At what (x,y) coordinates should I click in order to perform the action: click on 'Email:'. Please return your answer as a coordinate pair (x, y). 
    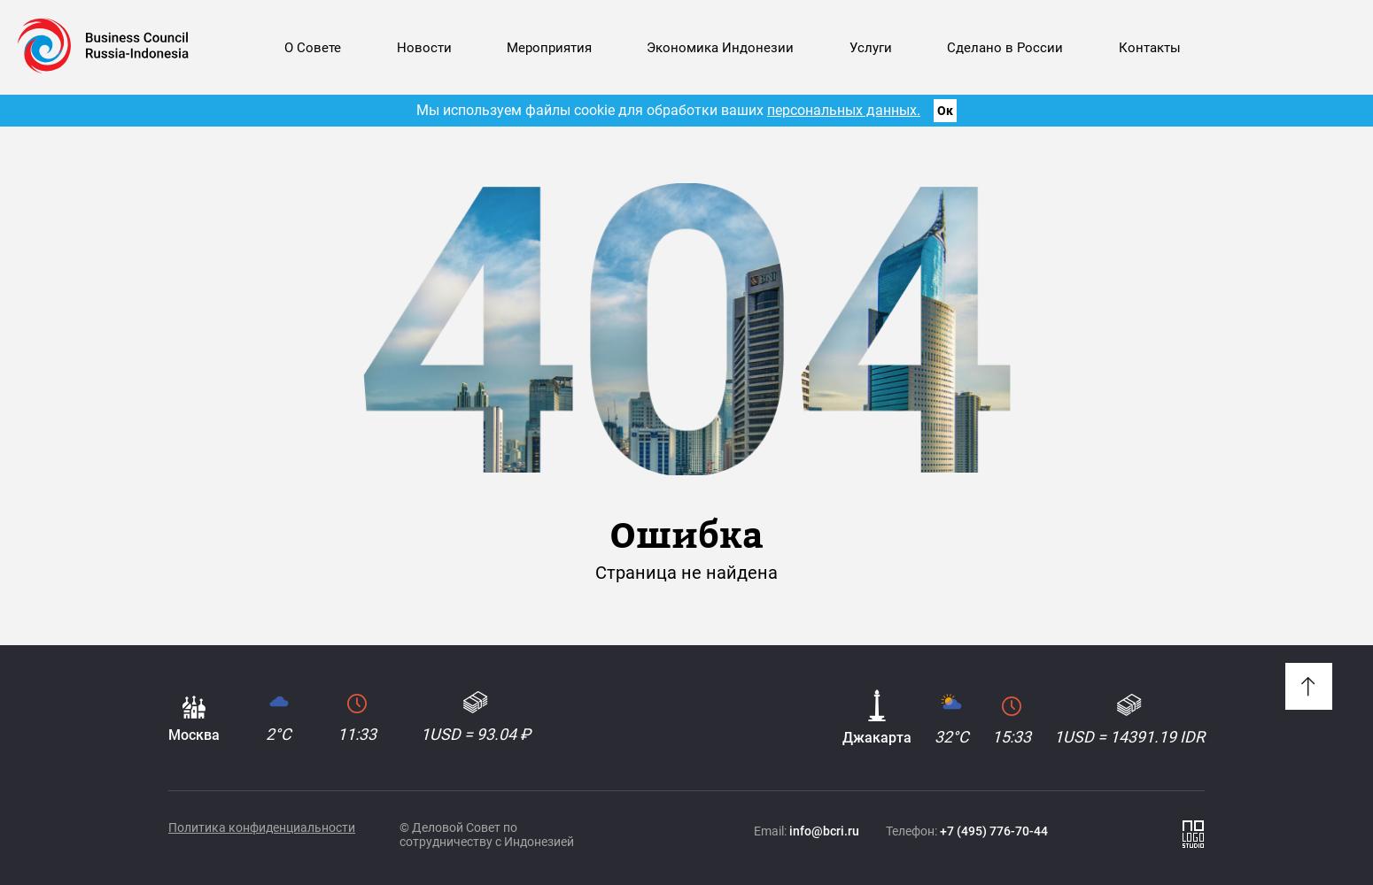
    Looking at the image, I should click on (771, 830).